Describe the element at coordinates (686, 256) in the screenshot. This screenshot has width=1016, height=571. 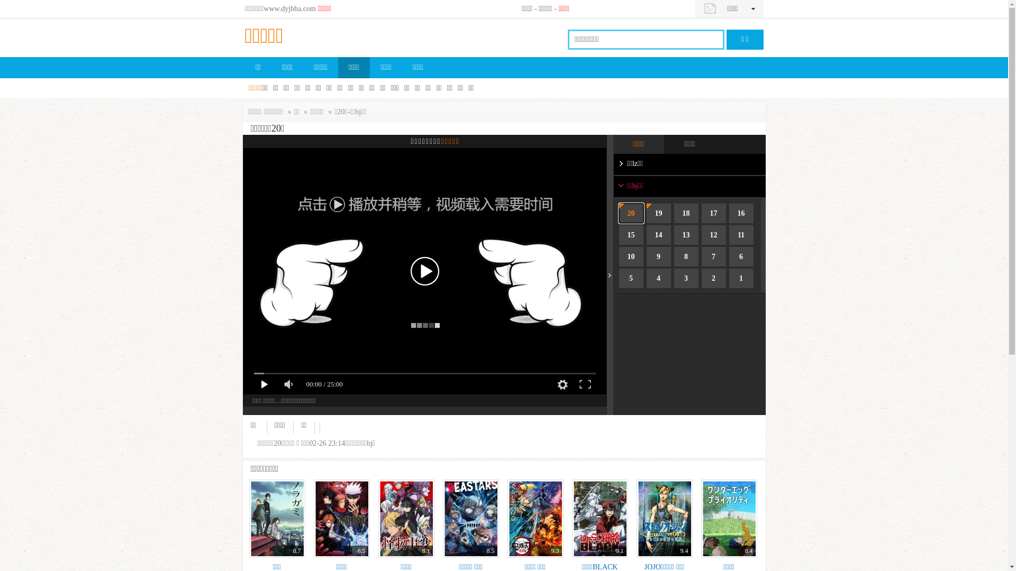
I see `'8'` at that location.